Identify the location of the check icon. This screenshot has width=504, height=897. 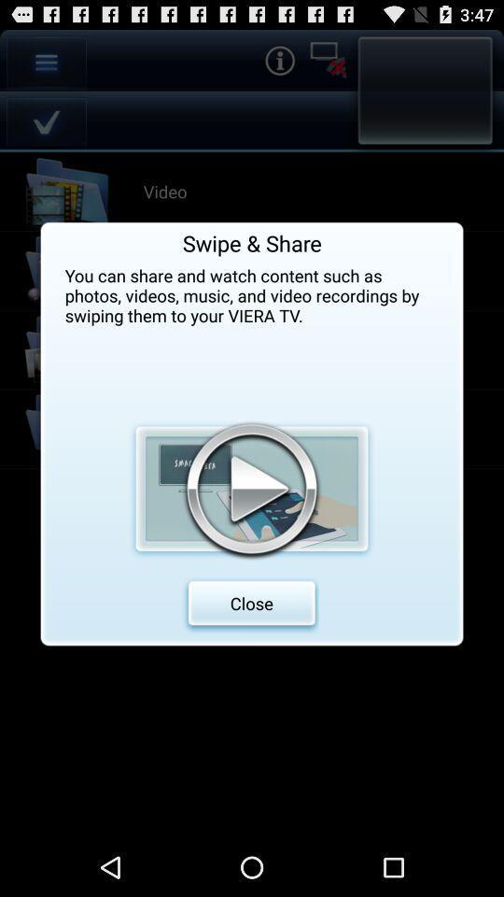
(47, 129).